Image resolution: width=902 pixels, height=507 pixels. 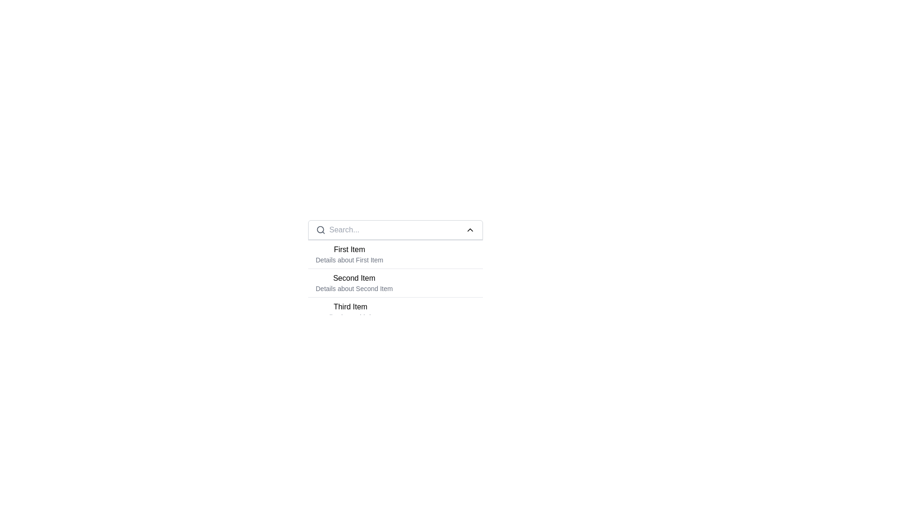 I want to click on the text 'Second Item' displayed in black color, so click(x=354, y=278).